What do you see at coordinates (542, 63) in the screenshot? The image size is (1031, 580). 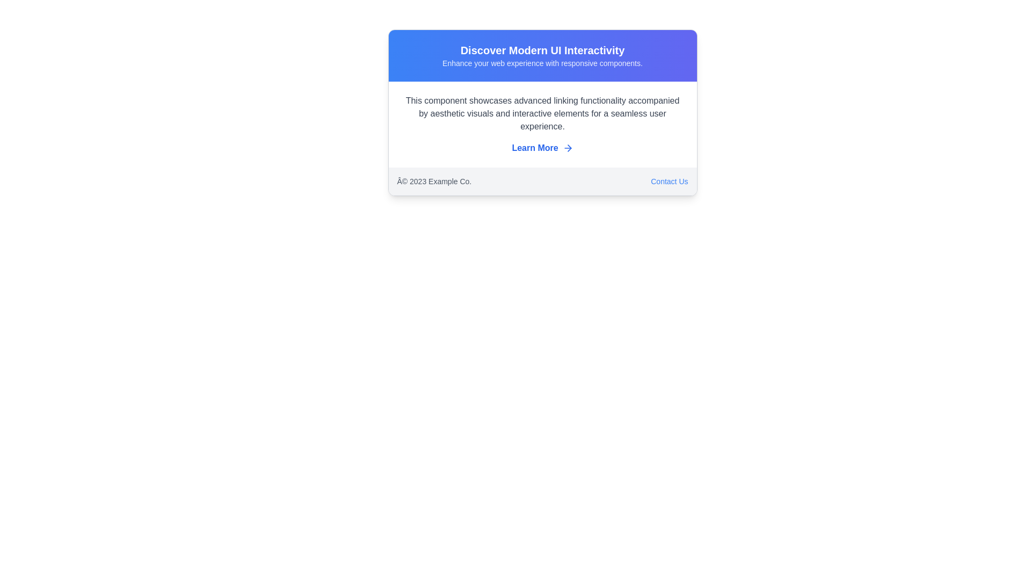 I see `the static text displaying 'Enhance your web experience with responsive components.' which is located directly beneath the headline 'Discover Modern UI Interactivity'` at bounding box center [542, 63].